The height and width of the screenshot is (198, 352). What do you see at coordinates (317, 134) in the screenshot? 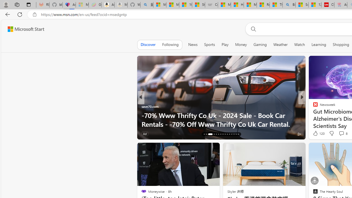
I see `'799 Like'` at bounding box center [317, 134].